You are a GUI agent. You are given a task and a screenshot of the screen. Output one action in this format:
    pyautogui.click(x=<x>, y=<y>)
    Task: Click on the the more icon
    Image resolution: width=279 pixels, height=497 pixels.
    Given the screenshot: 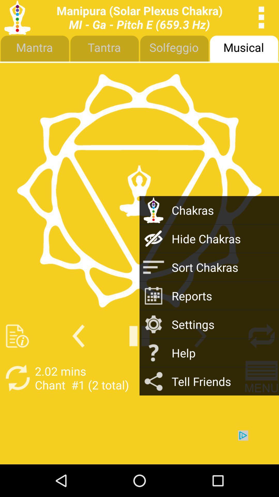 What is the action you would take?
    pyautogui.click(x=261, y=19)
    